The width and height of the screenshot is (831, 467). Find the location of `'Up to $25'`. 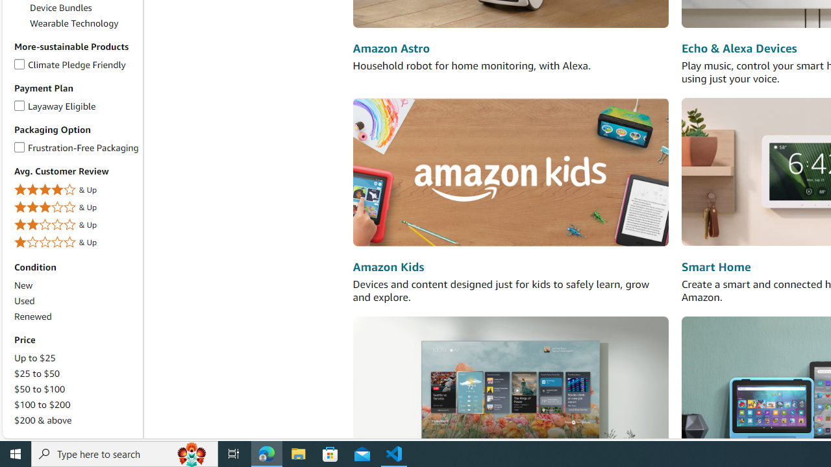

'Up to $25' is located at coordinates (75, 358).